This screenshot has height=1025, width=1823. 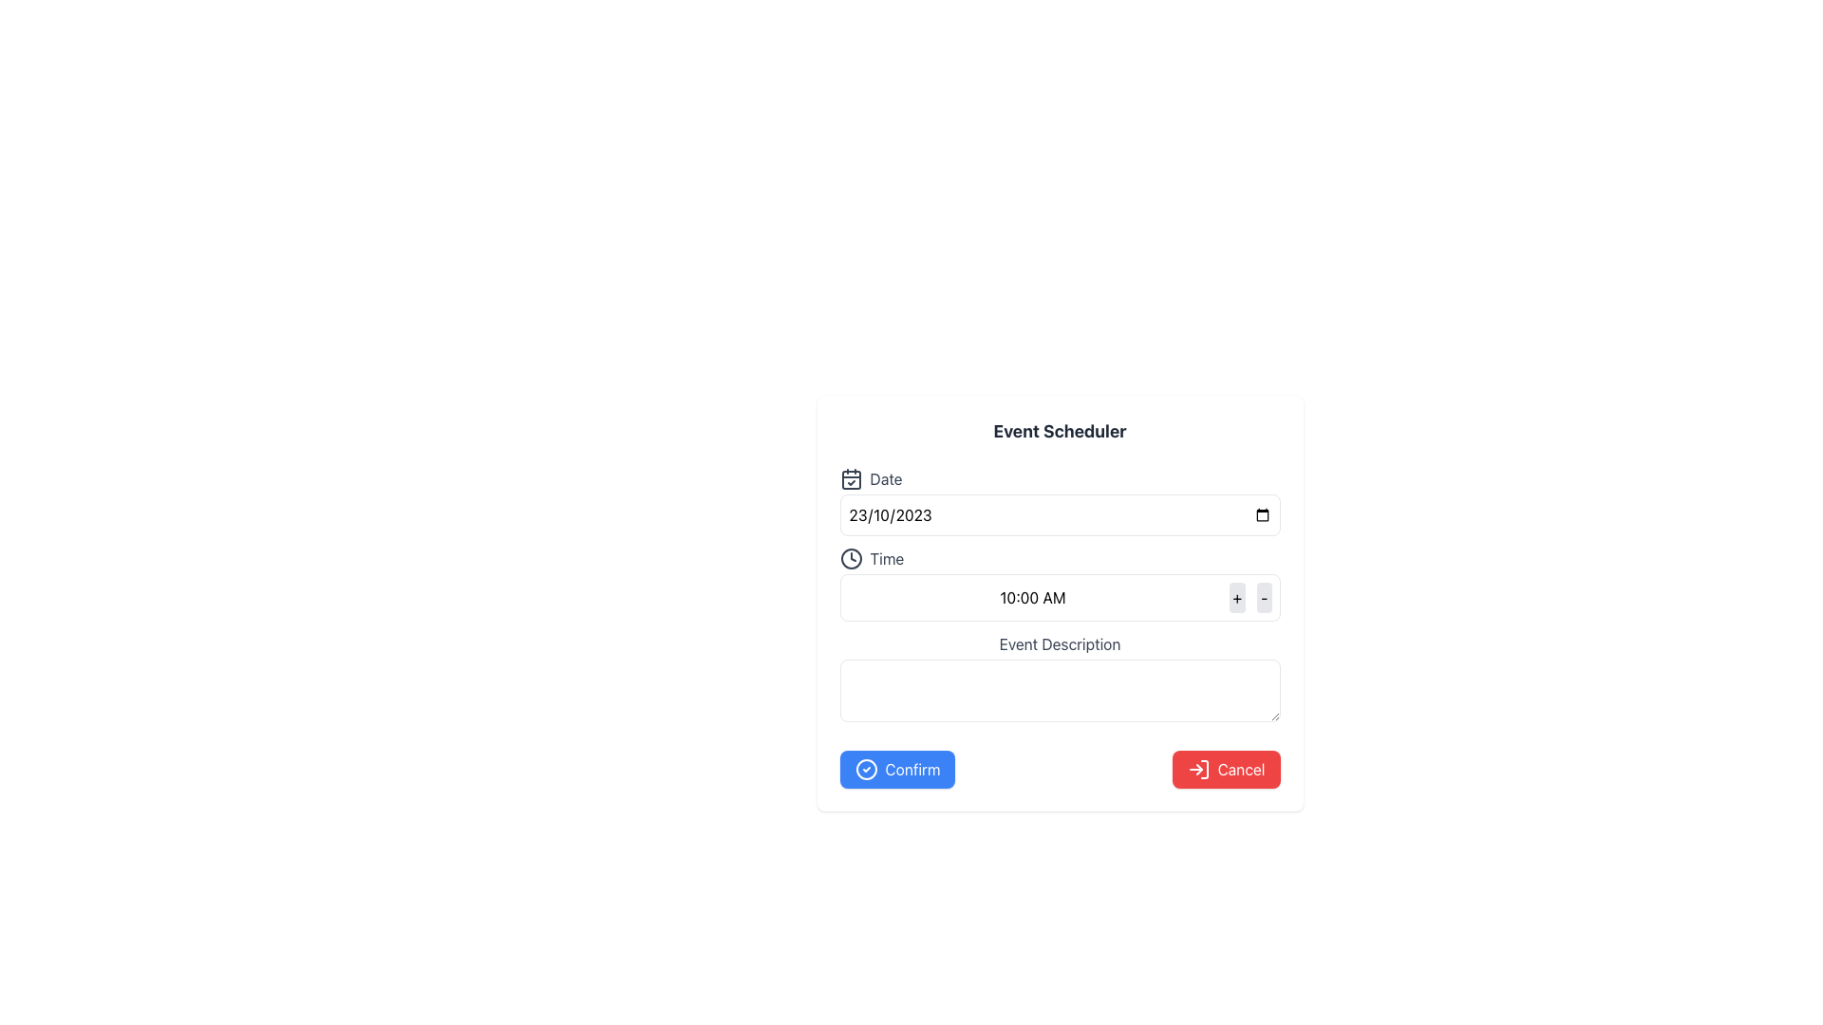 What do you see at coordinates (1059, 643) in the screenshot?
I see `the 'Event Description' label, which is a gray text label positioned above the input area for event details` at bounding box center [1059, 643].